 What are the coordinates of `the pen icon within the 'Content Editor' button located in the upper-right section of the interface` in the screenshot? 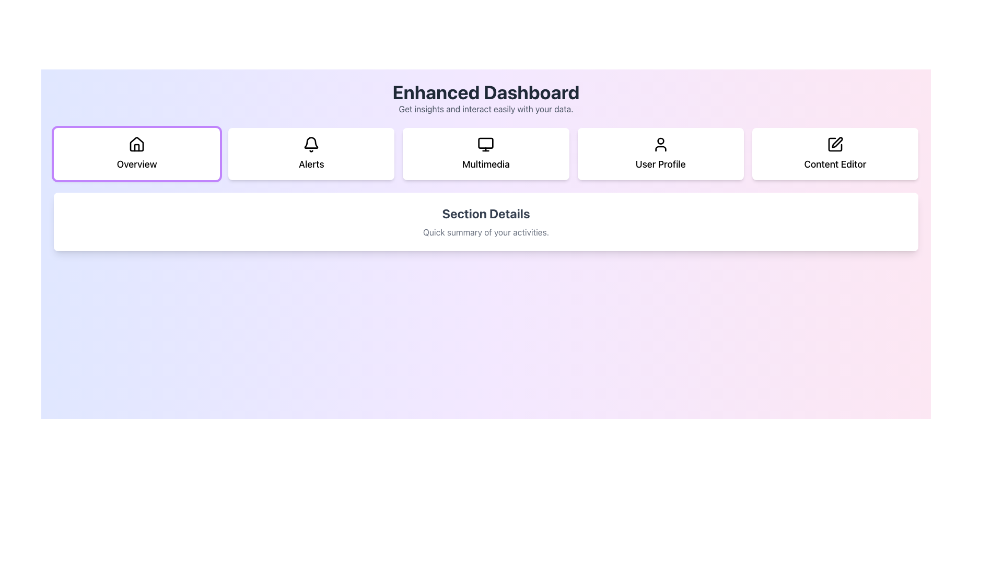 It's located at (837, 143).